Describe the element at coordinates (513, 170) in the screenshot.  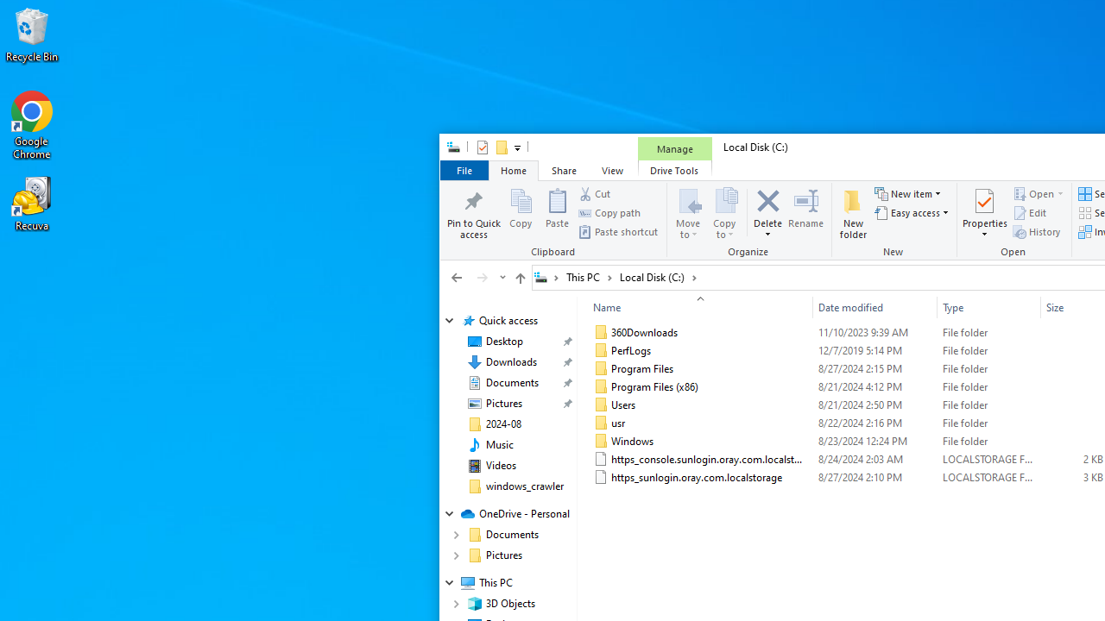
I see `'Home'` at that location.